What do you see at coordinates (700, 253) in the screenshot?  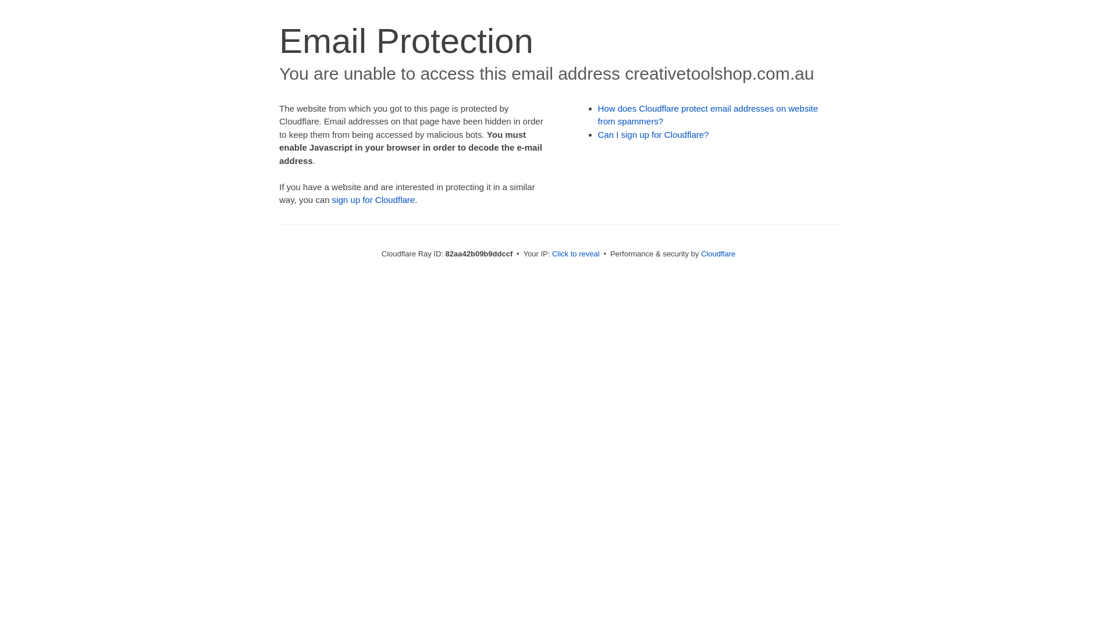 I see `'Cloudflare'` at bounding box center [700, 253].